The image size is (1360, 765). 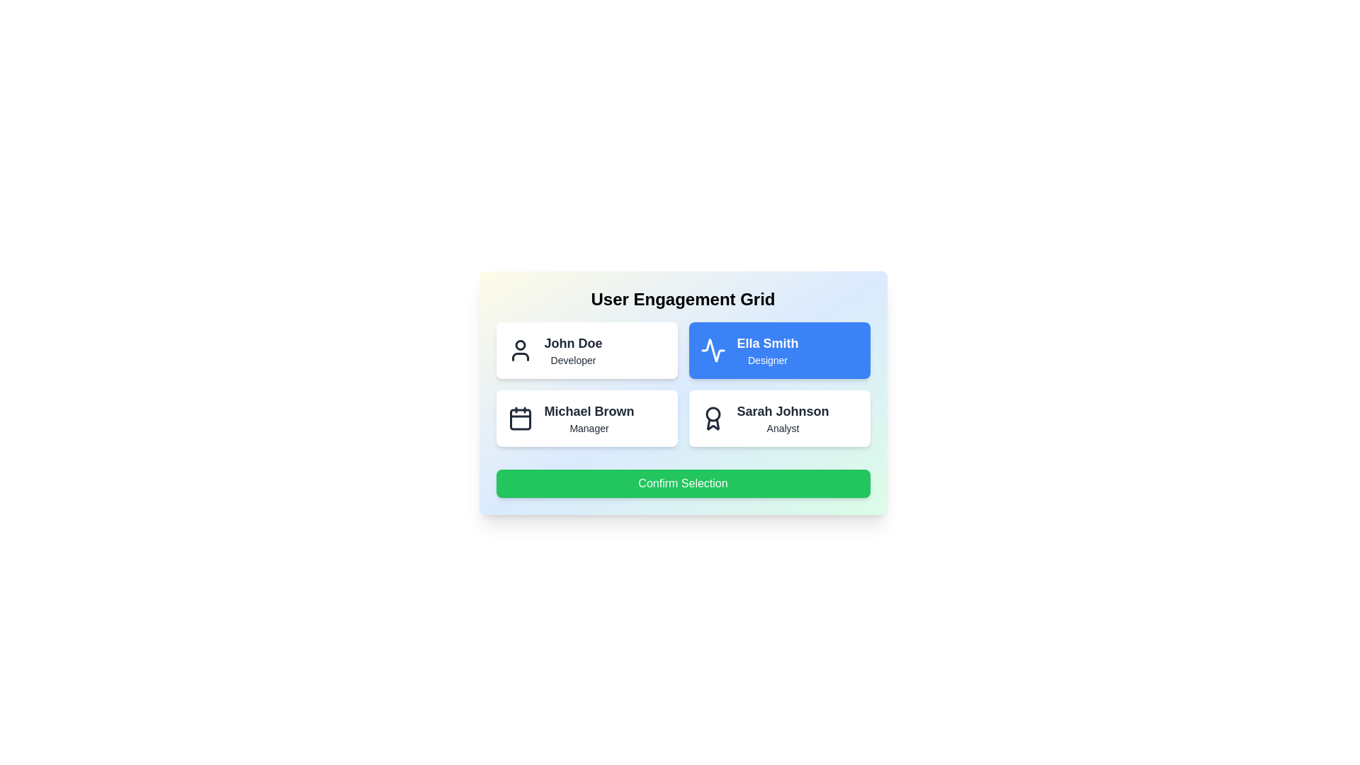 I want to click on the user card of Sarah Johnson, so click(x=778, y=417).